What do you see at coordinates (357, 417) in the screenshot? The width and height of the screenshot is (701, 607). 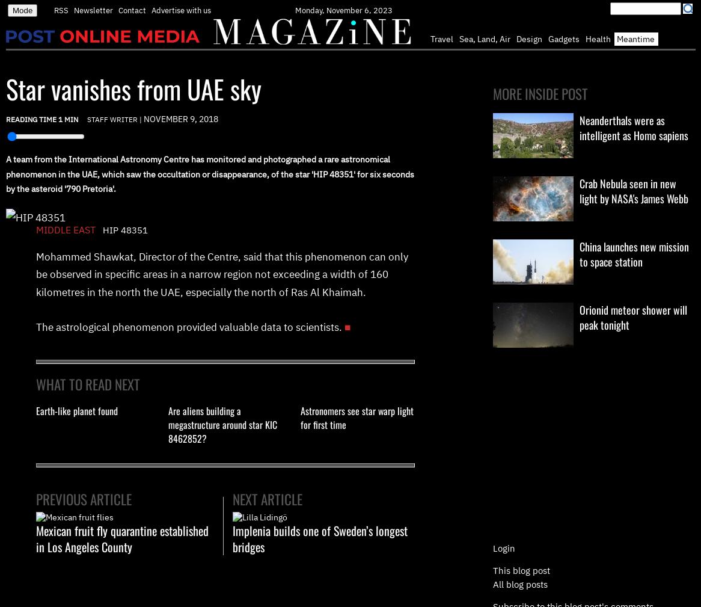 I see `'Astronomers see star warp light for first time'` at bounding box center [357, 417].